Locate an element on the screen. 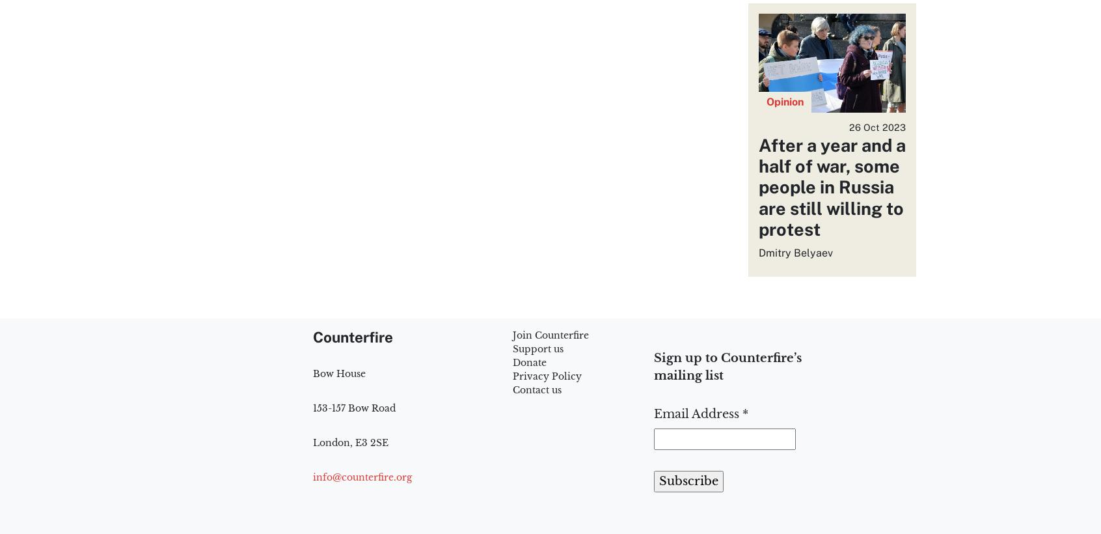  'info@counterfire.org' is located at coordinates (362, 476).